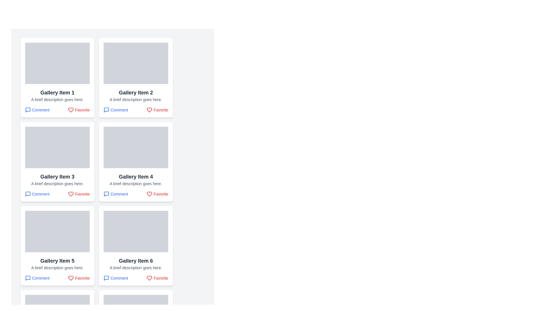 The image size is (554, 311). I want to click on the red heart icon associated with Gallery Item 3 to possibly display a tooltip, so click(71, 194).